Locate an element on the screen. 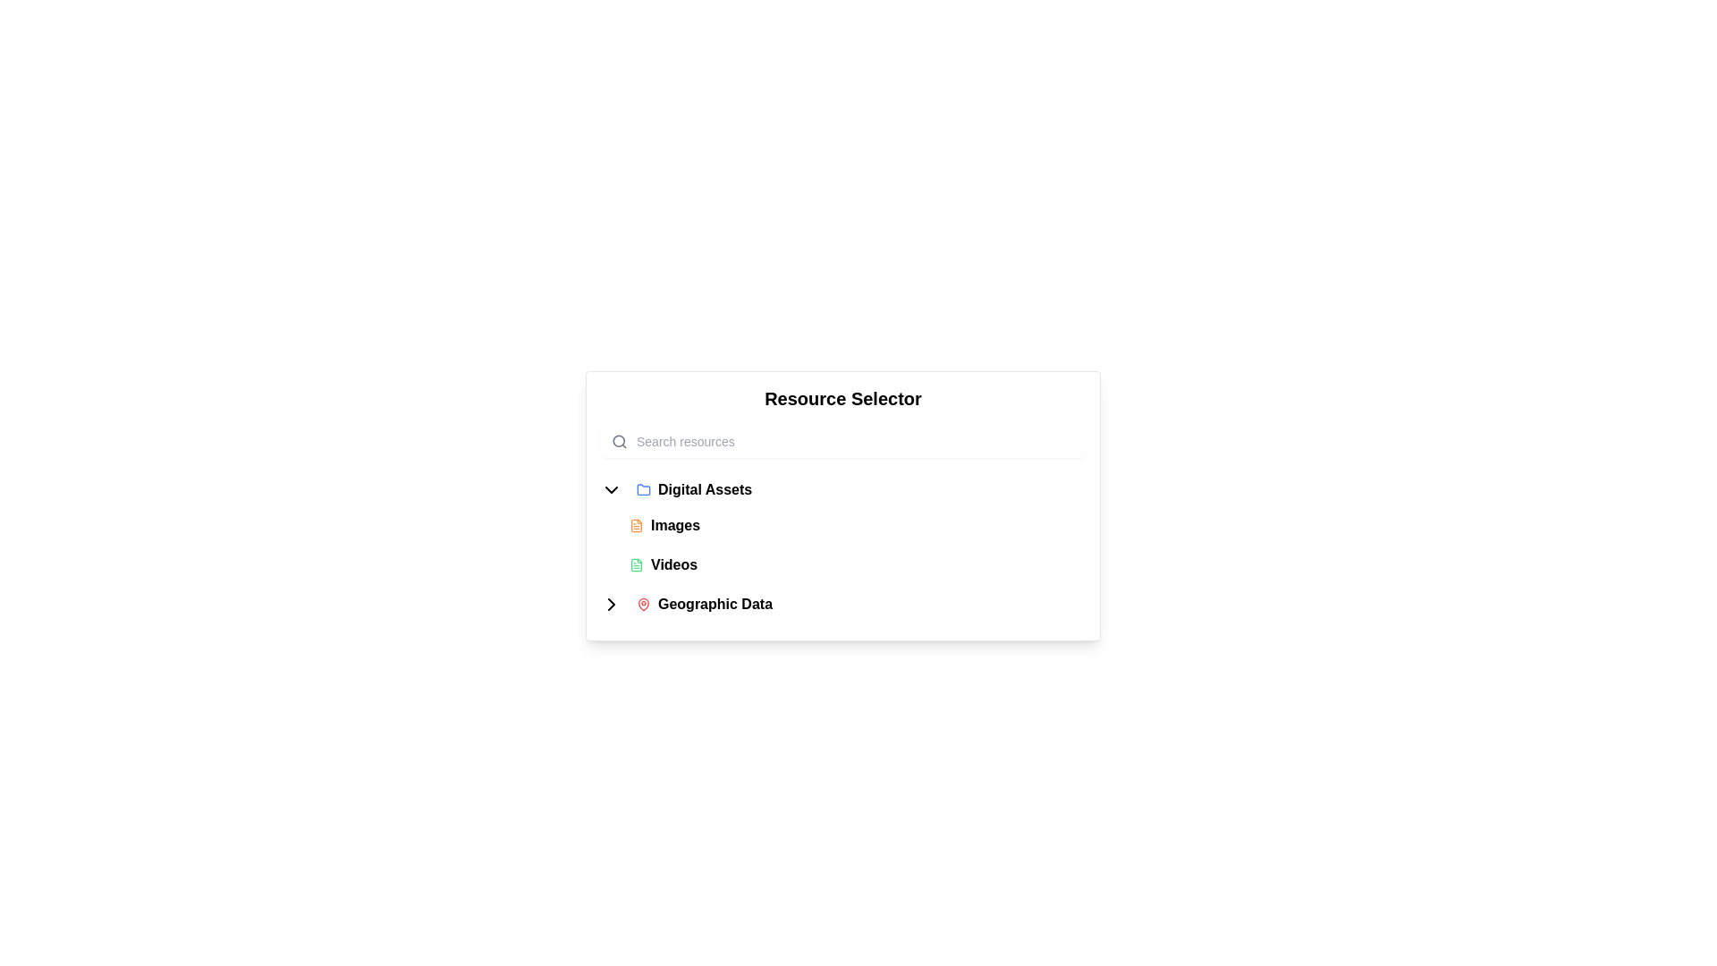  the 'Resource Selector' text label which serves as a header for the subsection below it, indicating its purpose as a title is located at coordinates (842, 398).